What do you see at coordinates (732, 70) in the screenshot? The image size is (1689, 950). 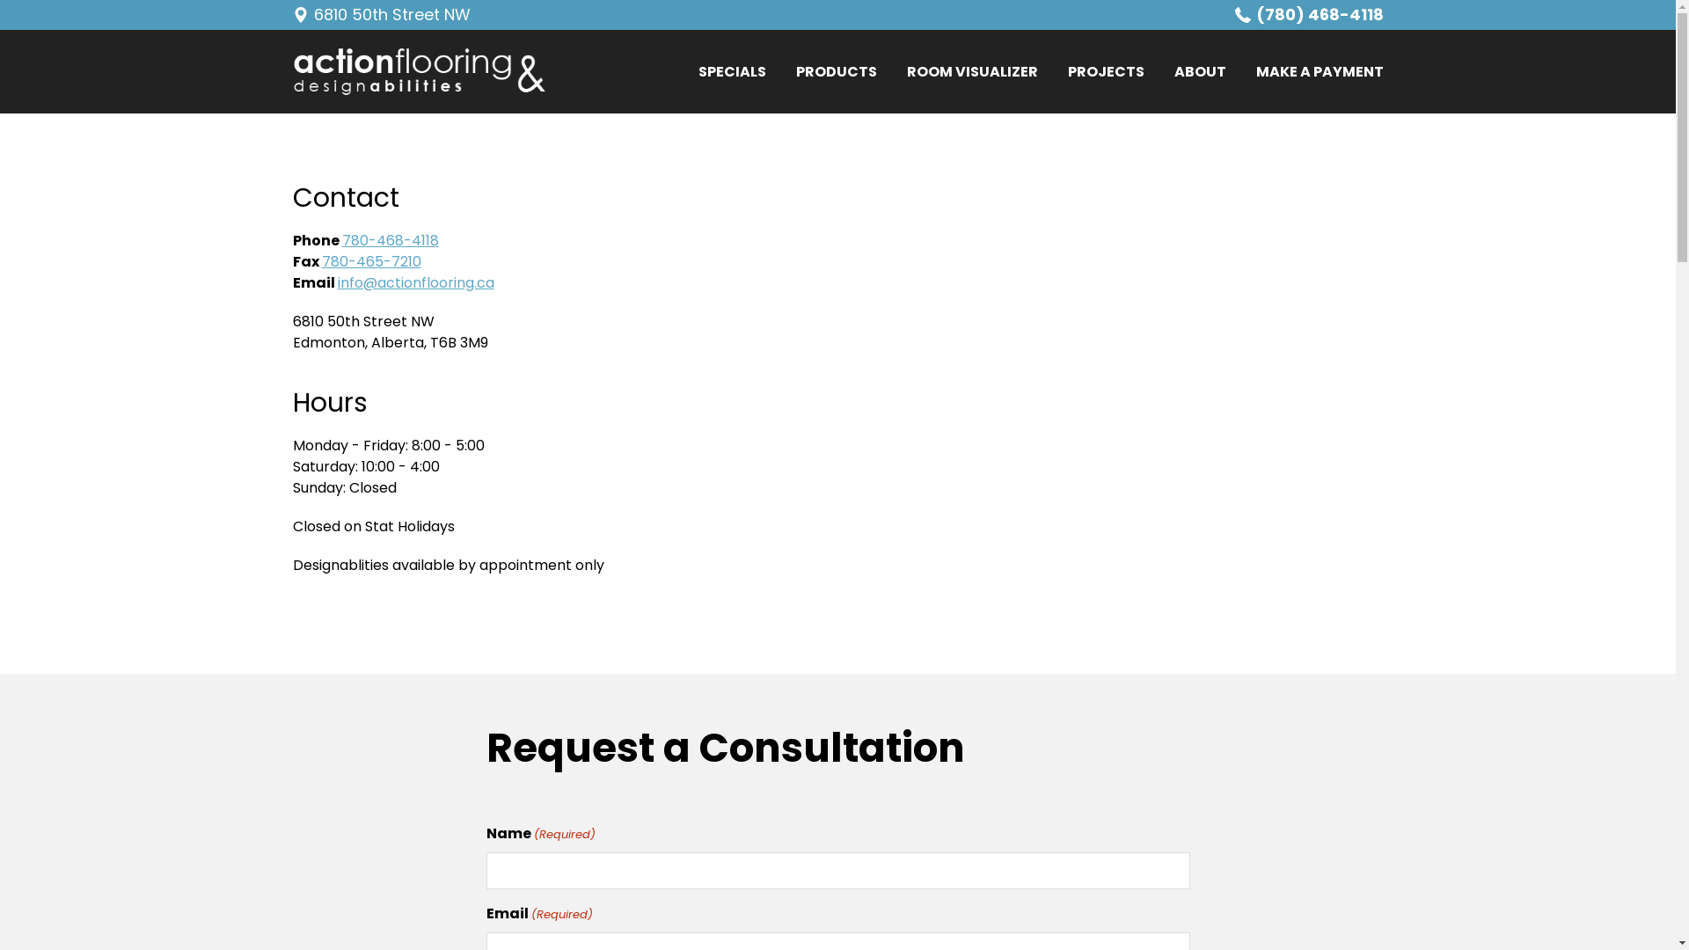 I see `'SPECIALS'` at bounding box center [732, 70].